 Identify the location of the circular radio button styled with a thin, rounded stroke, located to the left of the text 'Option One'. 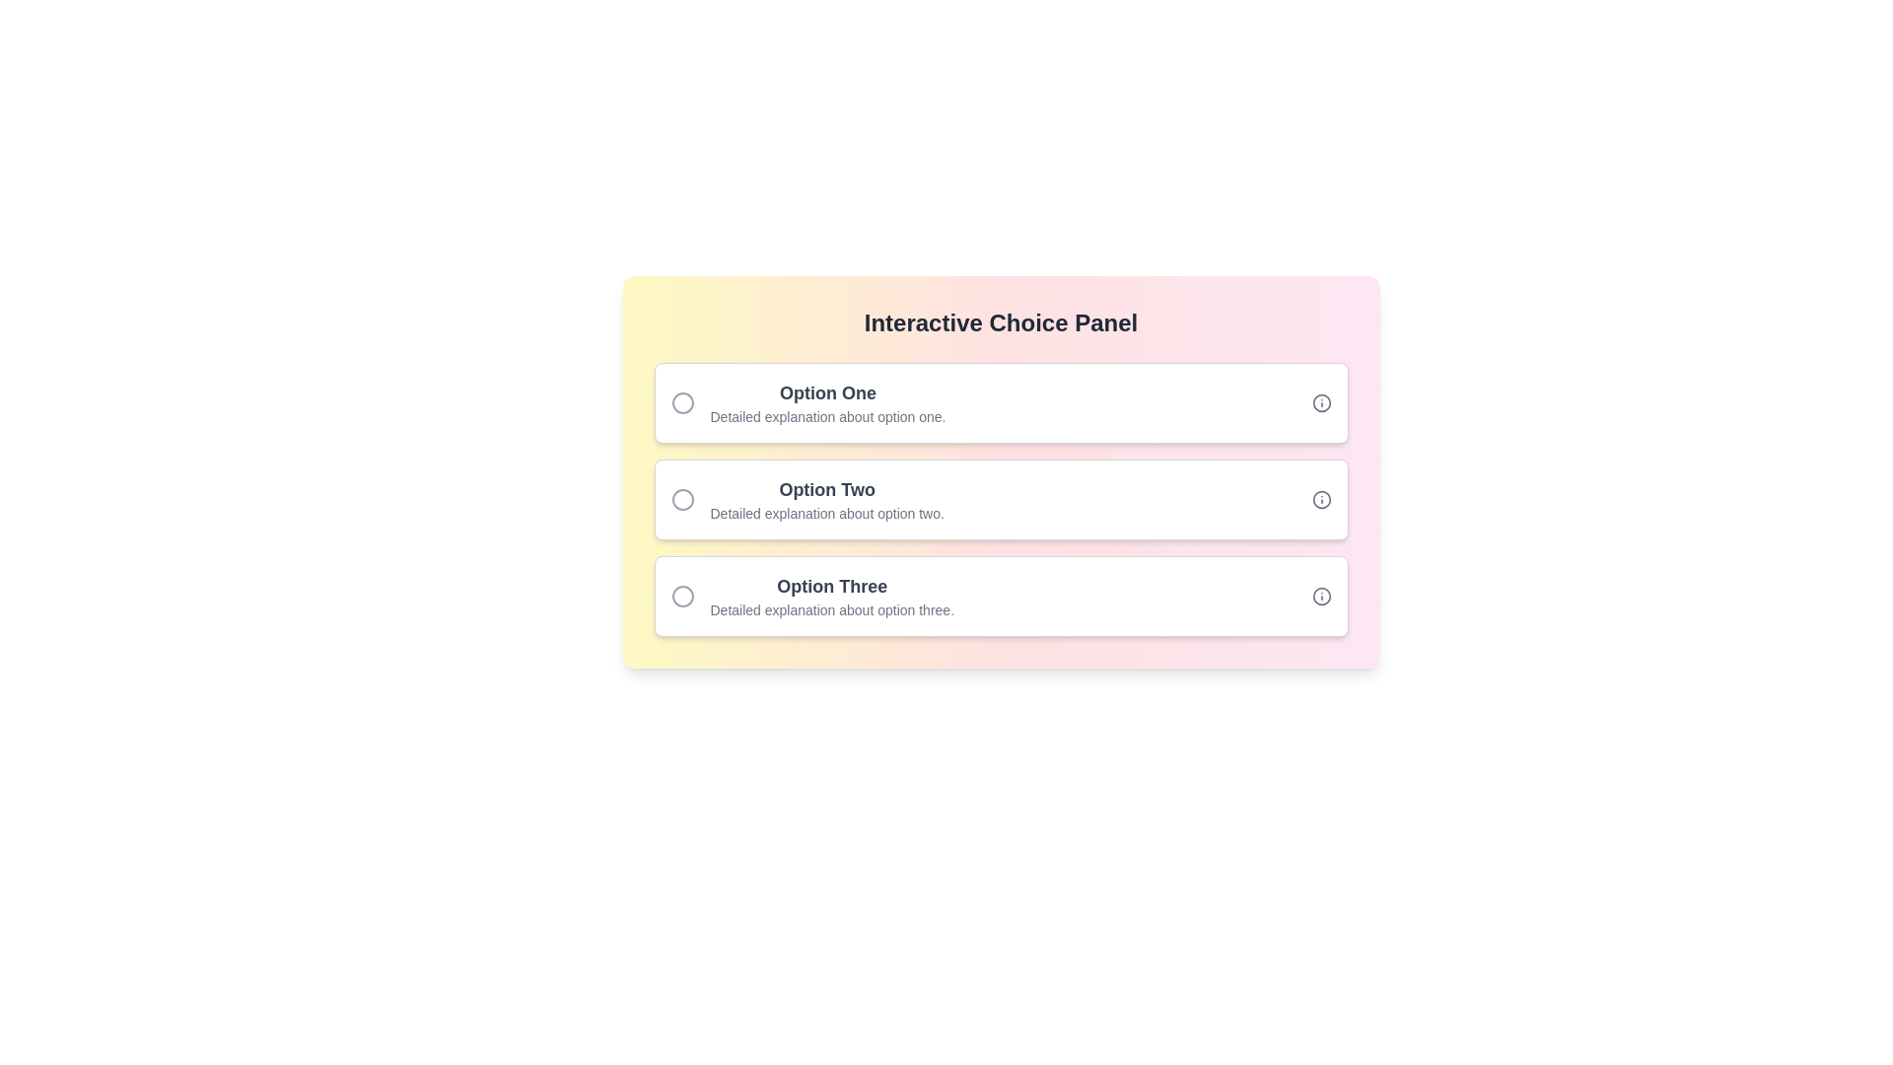
(682, 401).